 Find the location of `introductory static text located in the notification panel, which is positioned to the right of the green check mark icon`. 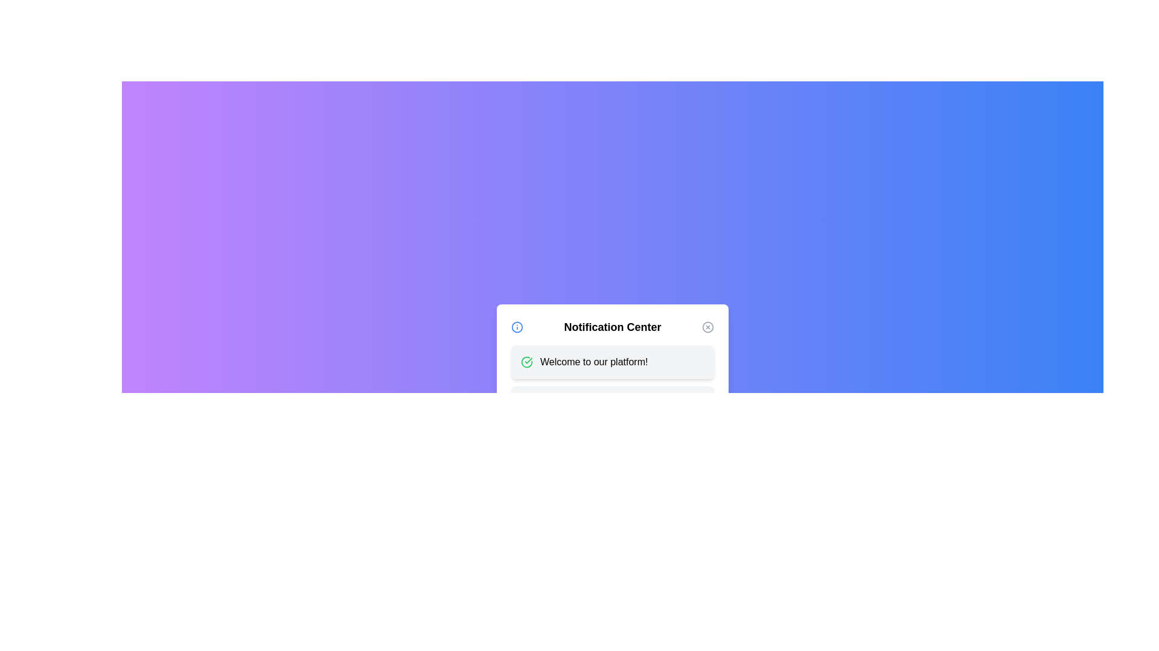

introductory static text located in the notification panel, which is positioned to the right of the green check mark icon is located at coordinates (594, 362).